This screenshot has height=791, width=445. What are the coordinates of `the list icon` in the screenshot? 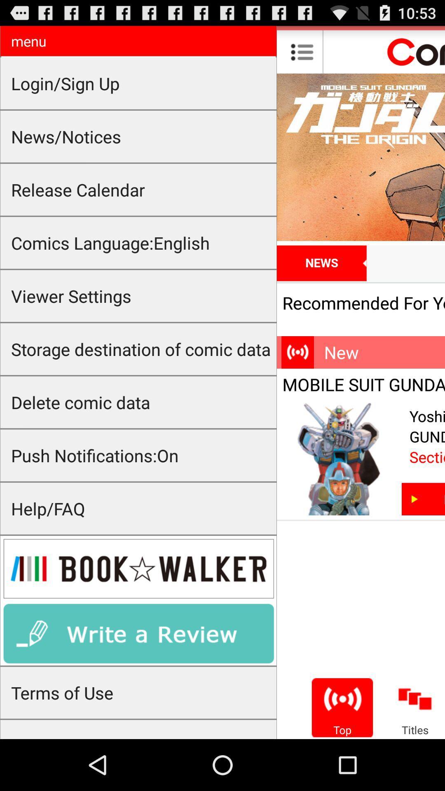 It's located at (302, 55).